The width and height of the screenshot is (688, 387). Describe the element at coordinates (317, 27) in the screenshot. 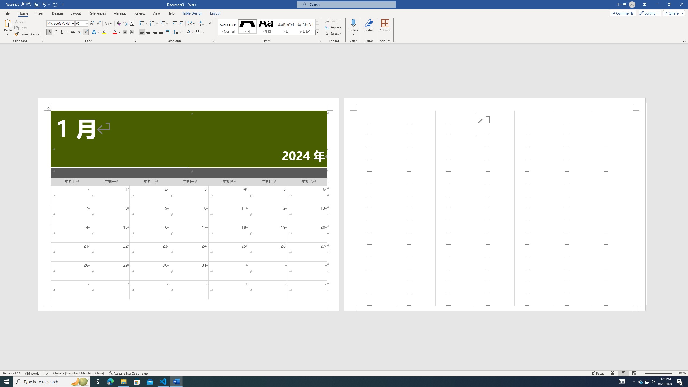

I see `'Row Down'` at that location.